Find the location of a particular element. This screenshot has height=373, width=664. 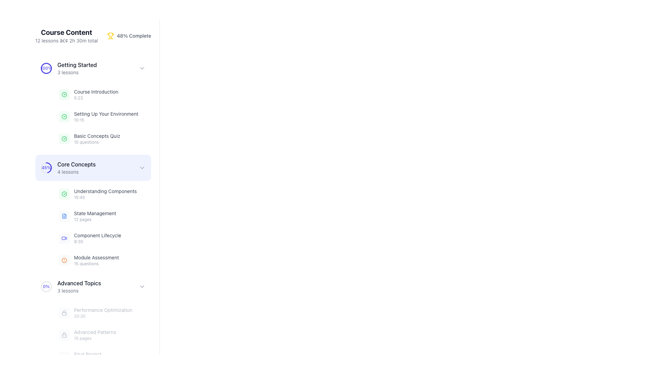

the 'Advanced Topics' module summary block is located at coordinates (71, 286).